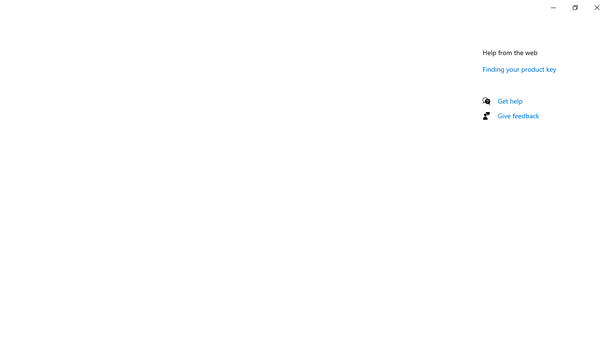 This screenshot has width=608, height=342. I want to click on 'Get help', so click(510, 101).